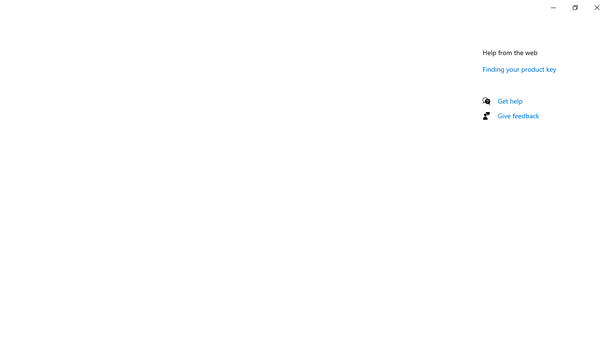 This screenshot has width=608, height=342. I want to click on 'Get help', so click(510, 101).